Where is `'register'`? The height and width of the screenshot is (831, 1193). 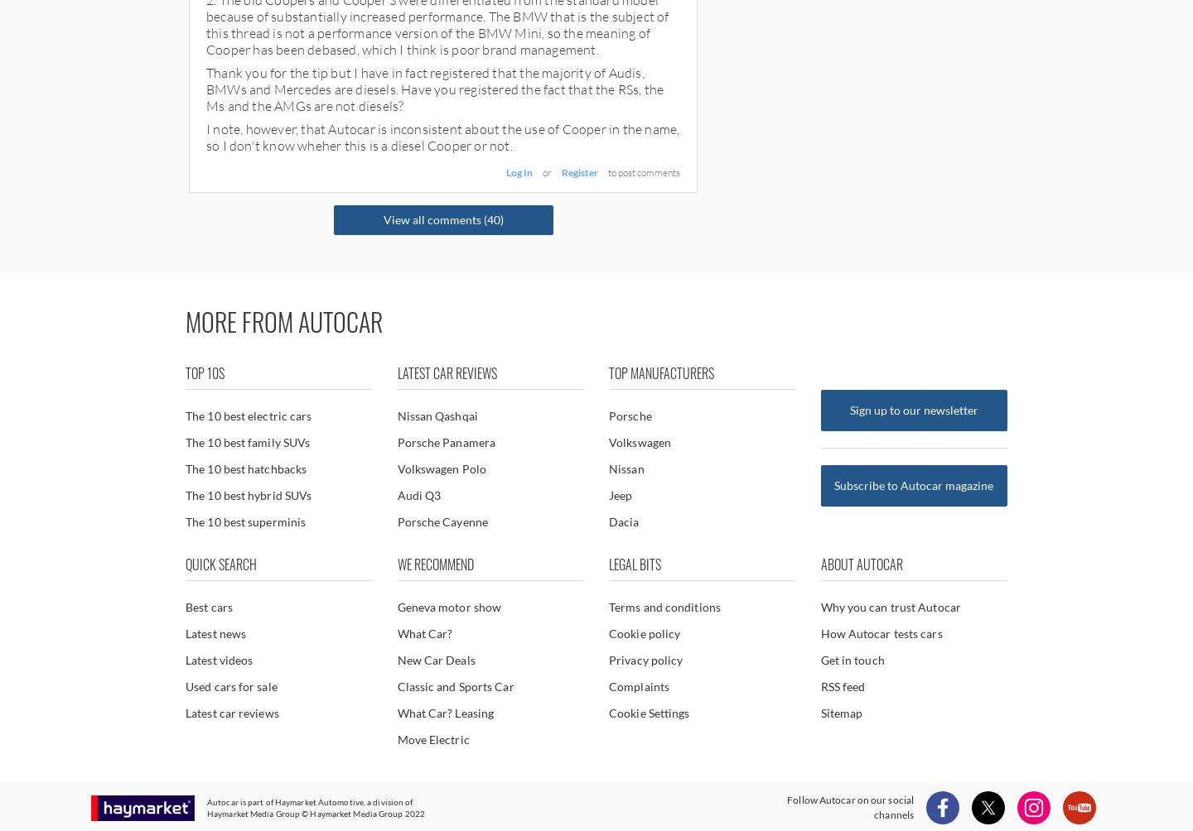
'register' is located at coordinates (579, 171).